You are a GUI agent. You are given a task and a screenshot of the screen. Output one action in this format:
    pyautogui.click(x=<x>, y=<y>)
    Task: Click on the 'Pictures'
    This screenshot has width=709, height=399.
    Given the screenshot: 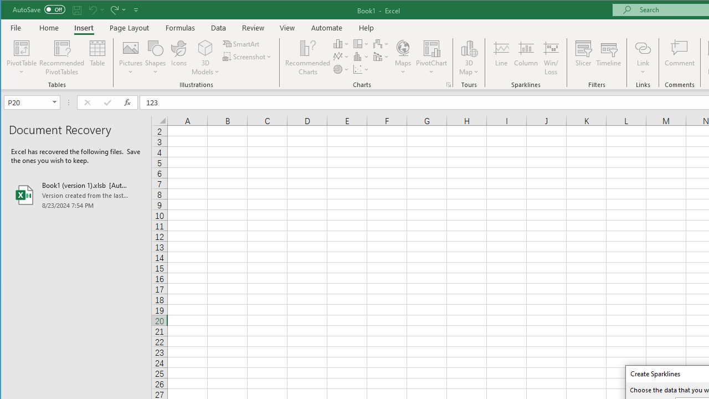 What is the action you would take?
    pyautogui.click(x=131, y=58)
    